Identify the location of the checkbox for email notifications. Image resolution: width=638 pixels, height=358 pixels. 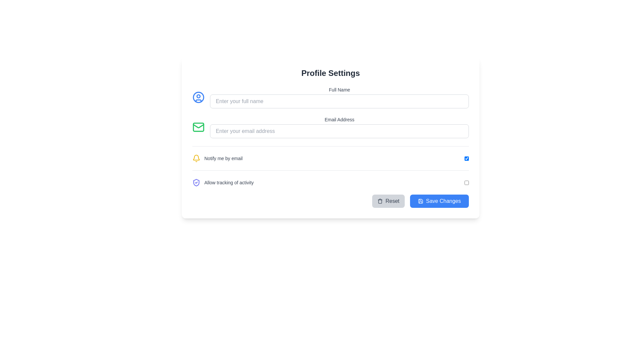
(330, 154).